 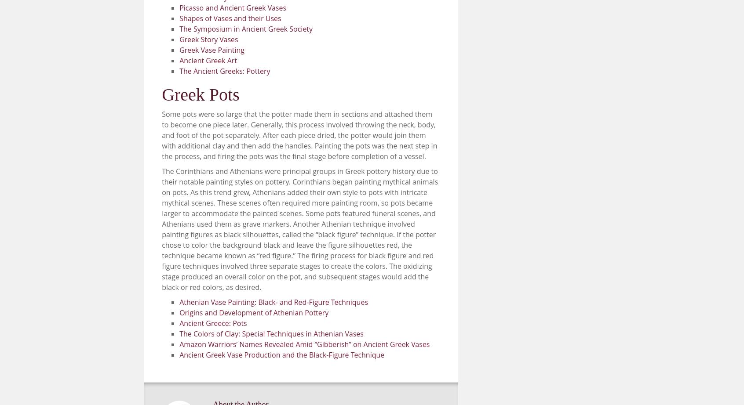 I want to click on 'Amazon Warriors’ Names Revealed Amid “Gibberish” on Ancient Greek Vases', so click(x=304, y=344).